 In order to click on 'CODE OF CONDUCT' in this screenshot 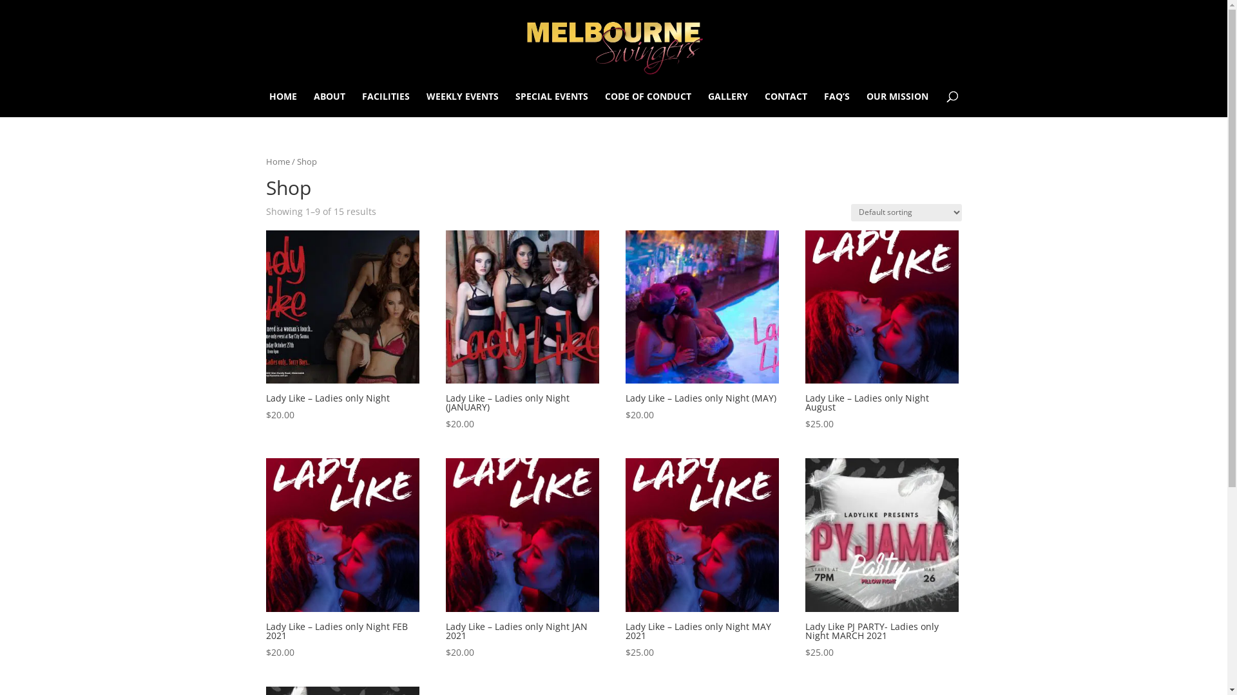, I will do `click(648, 104)`.